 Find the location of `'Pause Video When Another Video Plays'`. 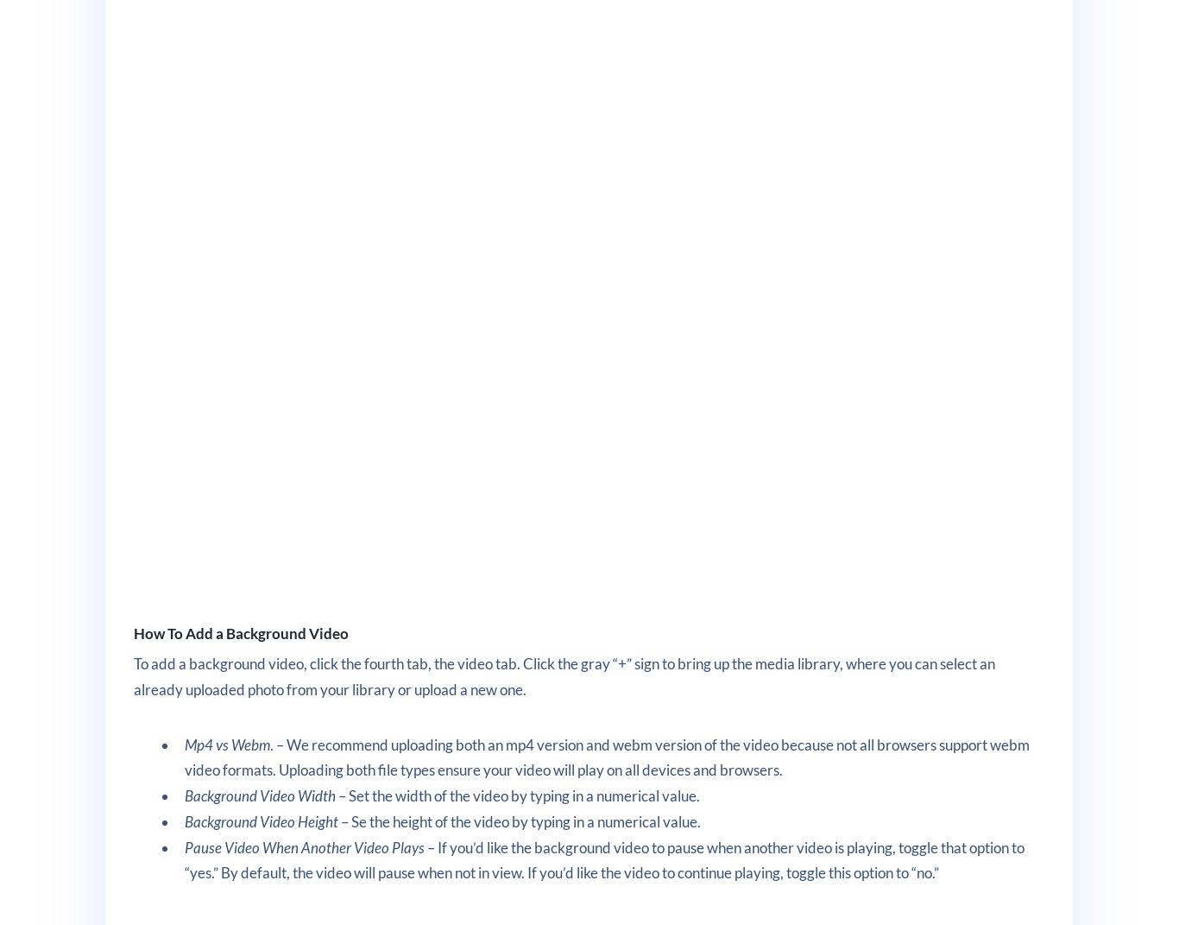

'Pause Video When Another Video Plays' is located at coordinates (184, 846).